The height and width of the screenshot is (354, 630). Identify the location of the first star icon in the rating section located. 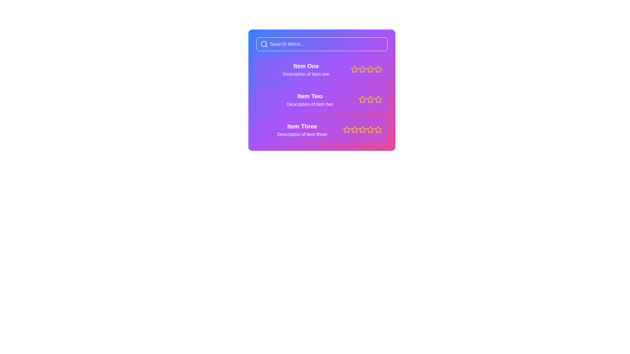
(354, 69).